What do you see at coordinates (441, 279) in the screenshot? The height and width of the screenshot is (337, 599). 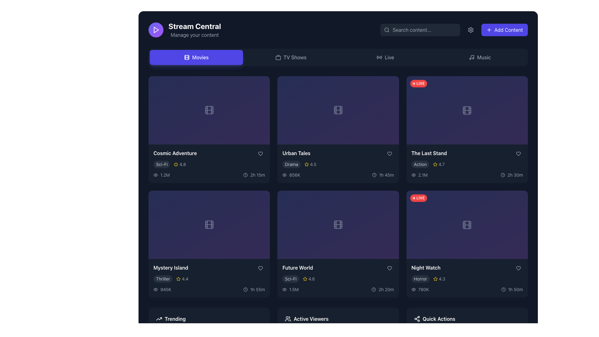 I see `rating value displayed on the rightmost Text label of the 'Night Watch' movie card in the 'Movies' section` at bounding box center [441, 279].